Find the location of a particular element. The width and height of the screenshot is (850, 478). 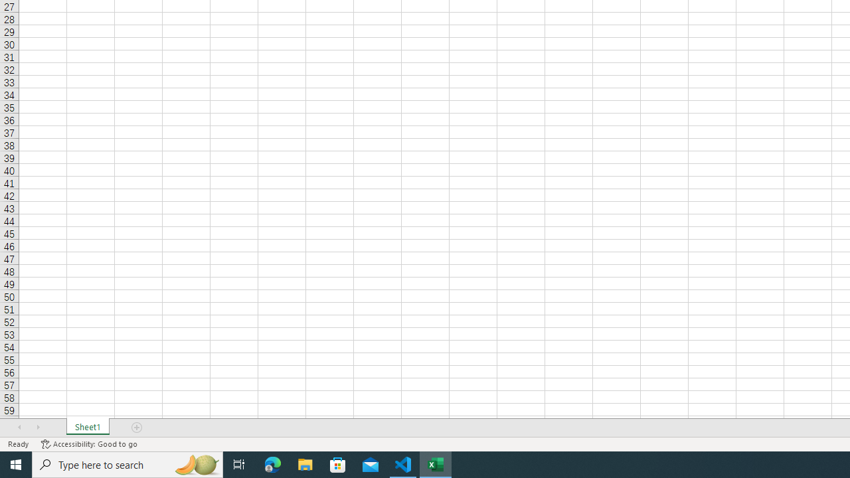

'Sheet1' is located at coordinates (87, 428).